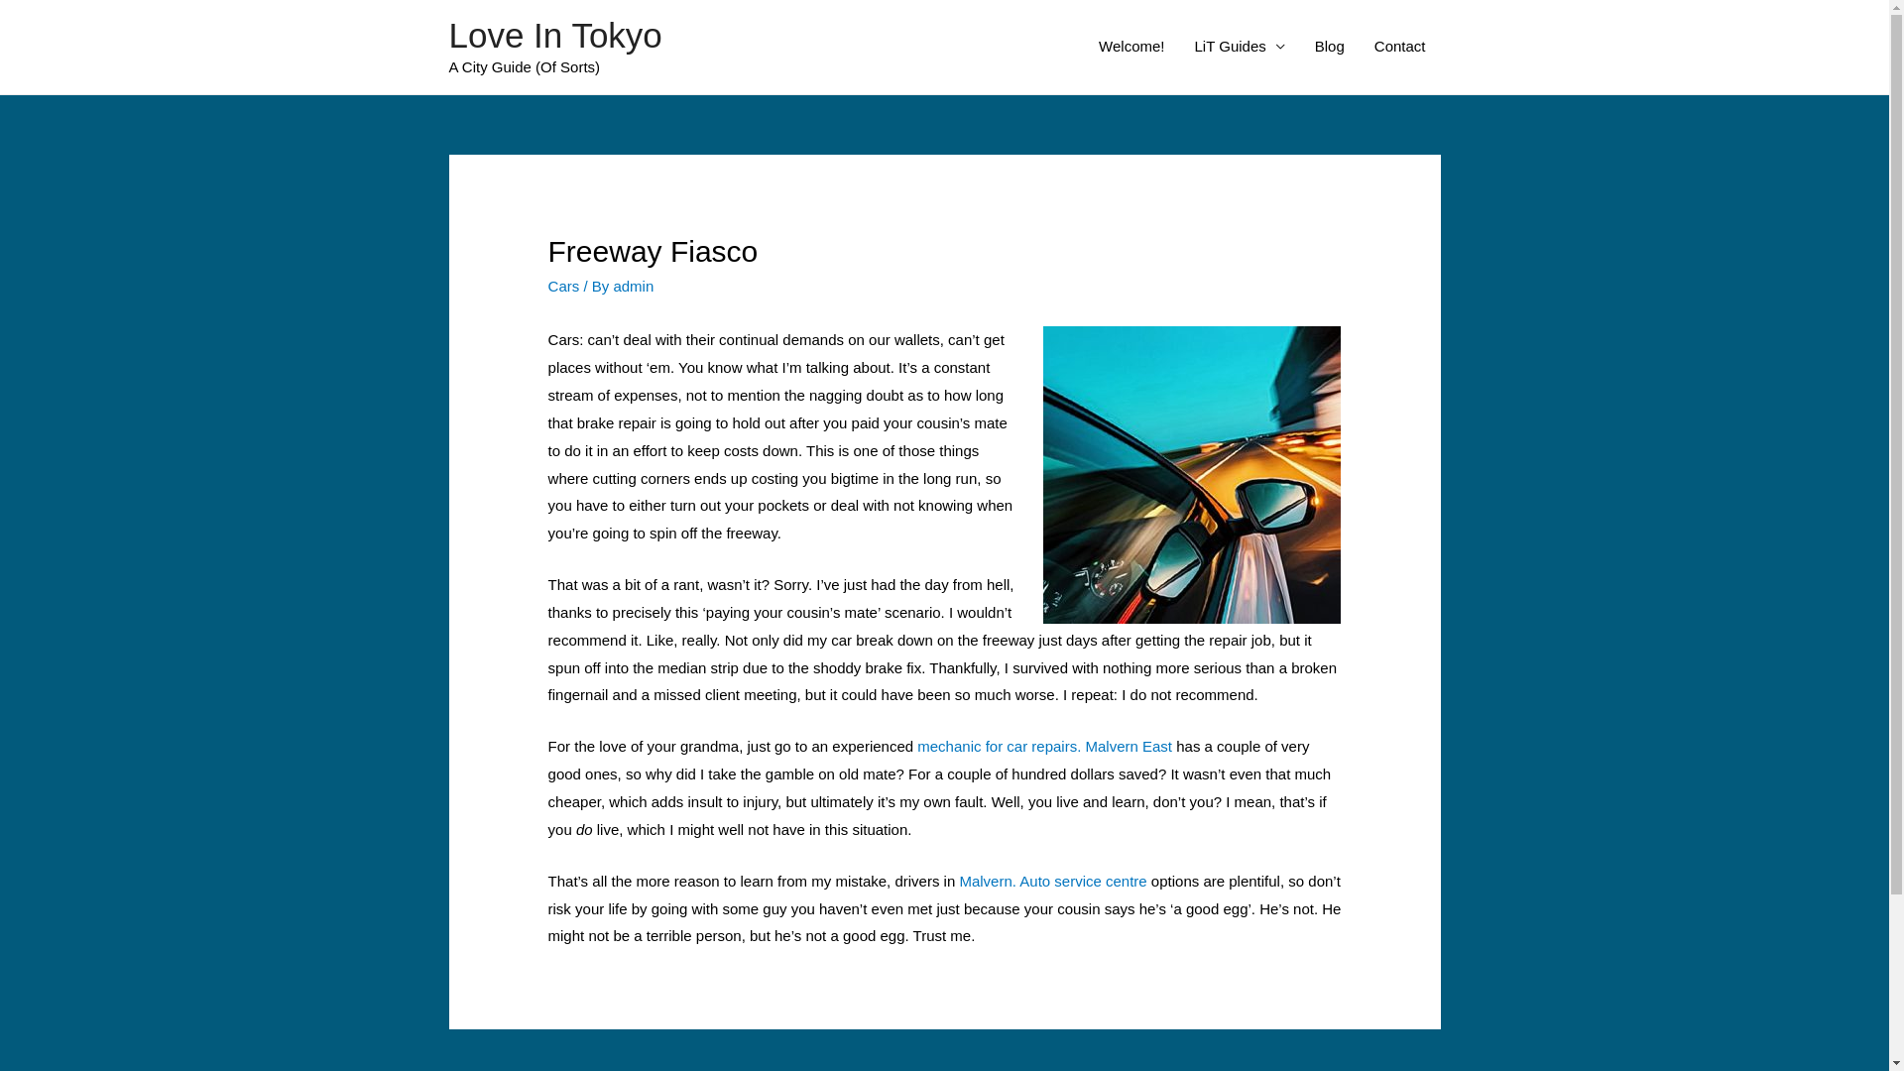  Describe the element at coordinates (1083, 45) in the screenshot. I see `'Welcome!'` at that location.